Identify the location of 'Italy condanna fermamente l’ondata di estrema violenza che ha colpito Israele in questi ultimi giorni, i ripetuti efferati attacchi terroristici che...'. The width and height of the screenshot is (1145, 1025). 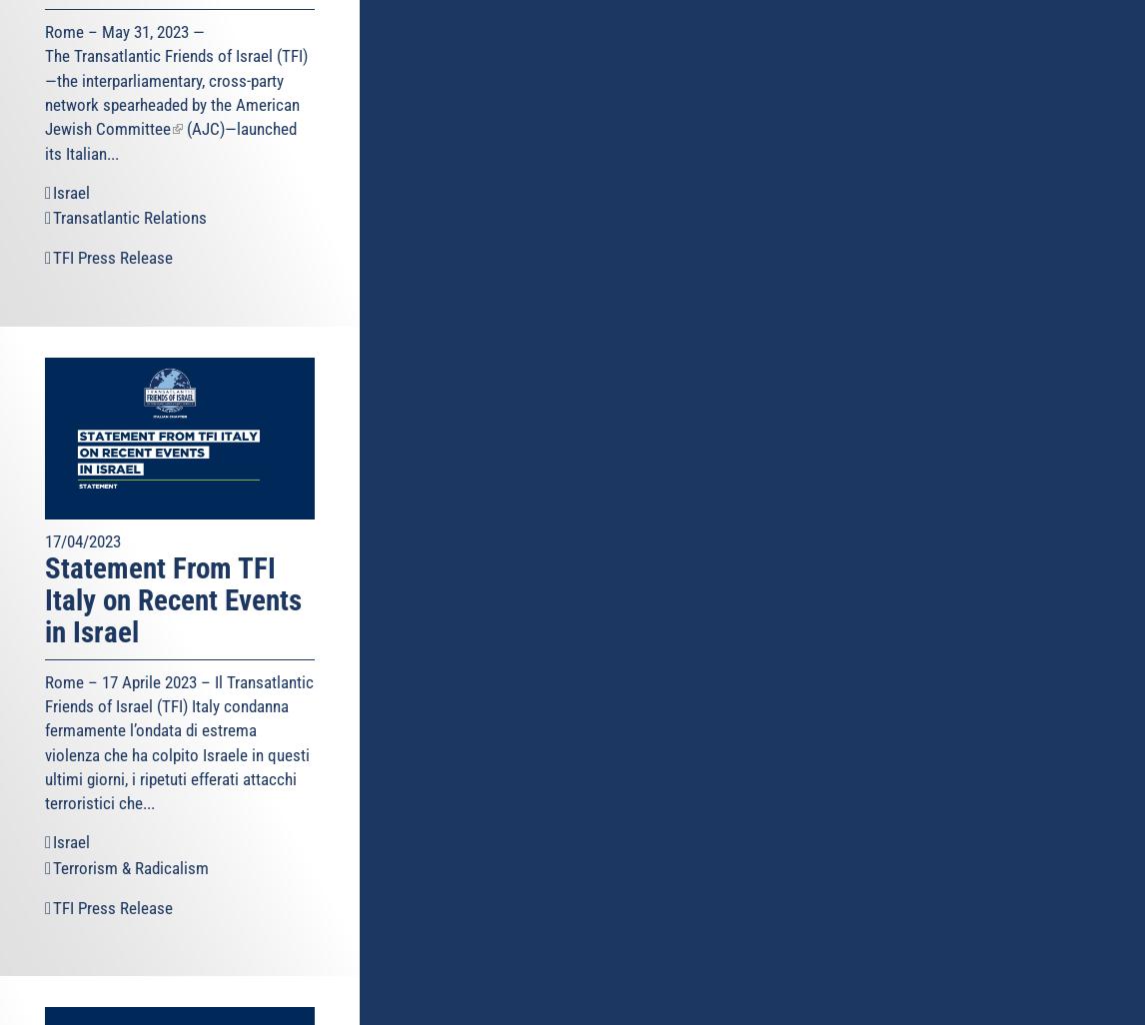
(177, 754).